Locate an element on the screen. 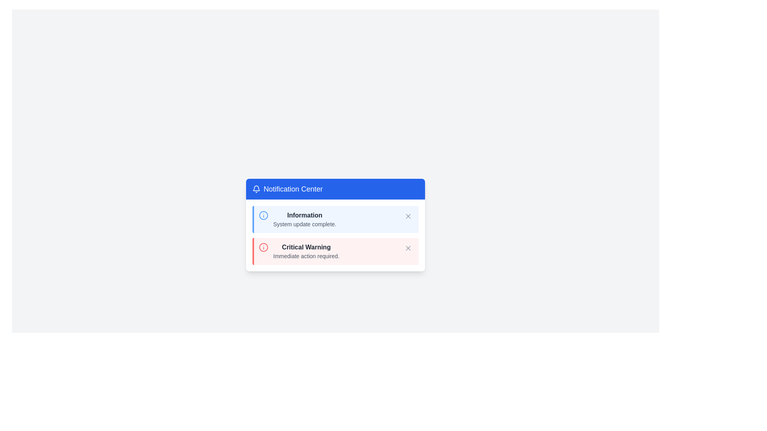  the critical warning graphical icon located centrally within the 'Critical Warning' notification entry in the SVG component is located at coordinates (264, 247).